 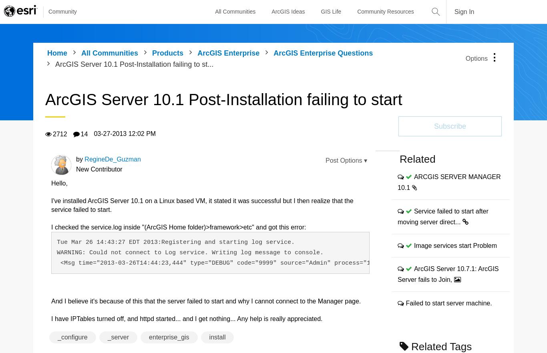 I want to click on 'ArcGIS Server 10.1 Post-Installation failing to start', so click(x=45, y=99).